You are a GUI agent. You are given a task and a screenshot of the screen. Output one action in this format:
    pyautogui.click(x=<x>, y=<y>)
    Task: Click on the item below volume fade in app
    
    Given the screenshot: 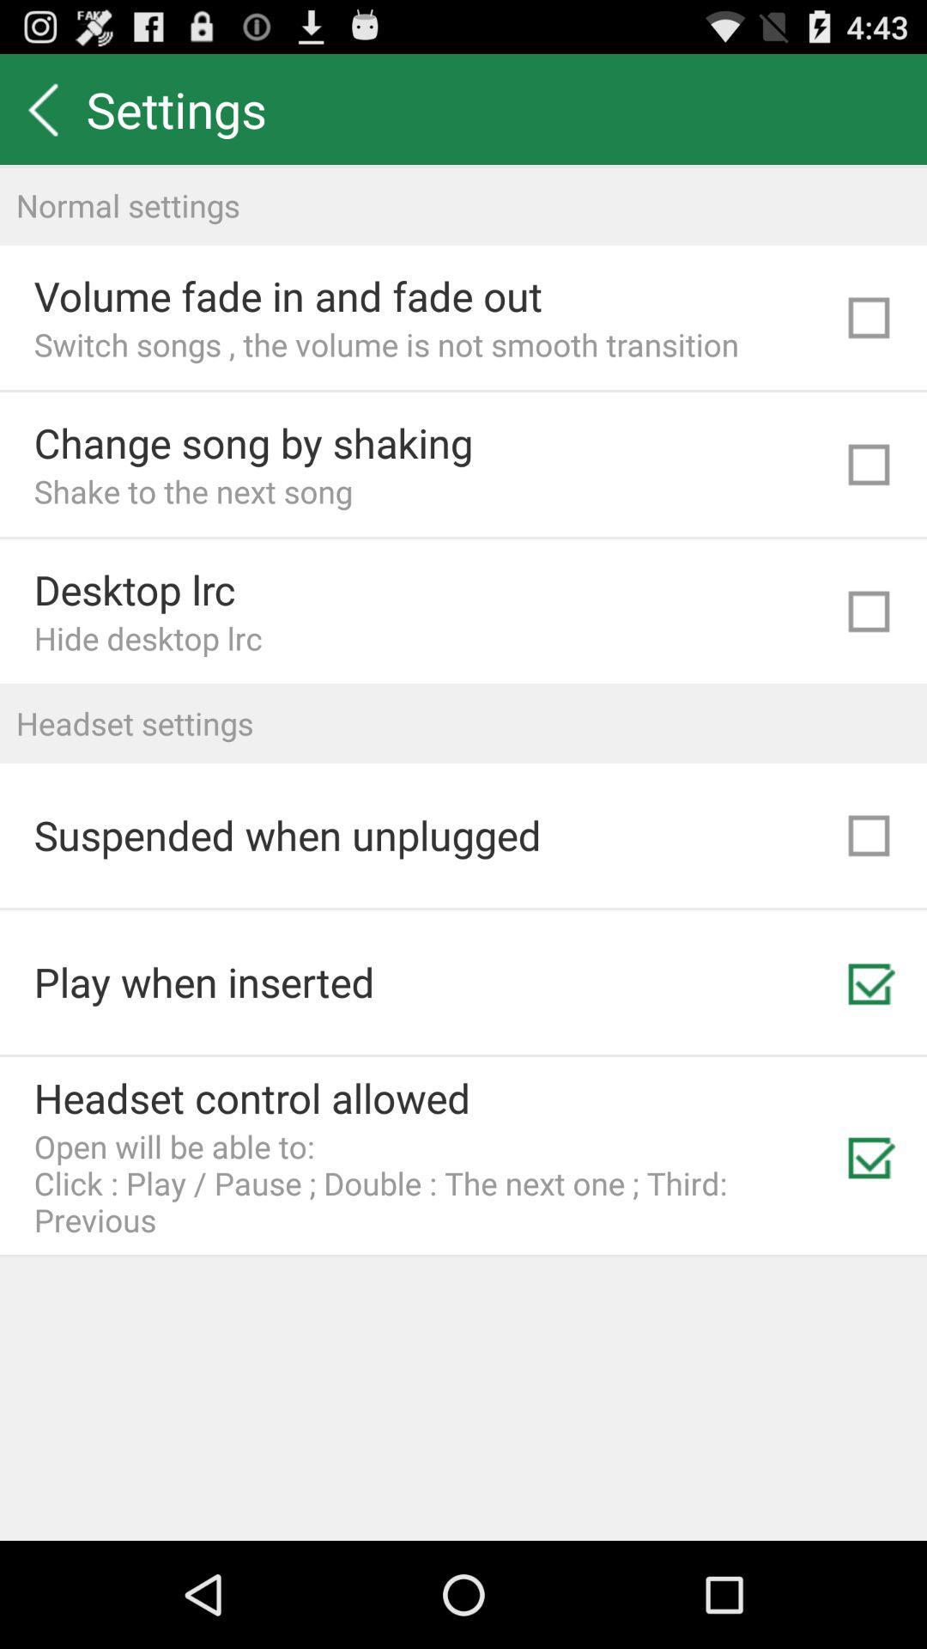 What is the action you would take?
    pyautogui.click(x=386, y=344)
    